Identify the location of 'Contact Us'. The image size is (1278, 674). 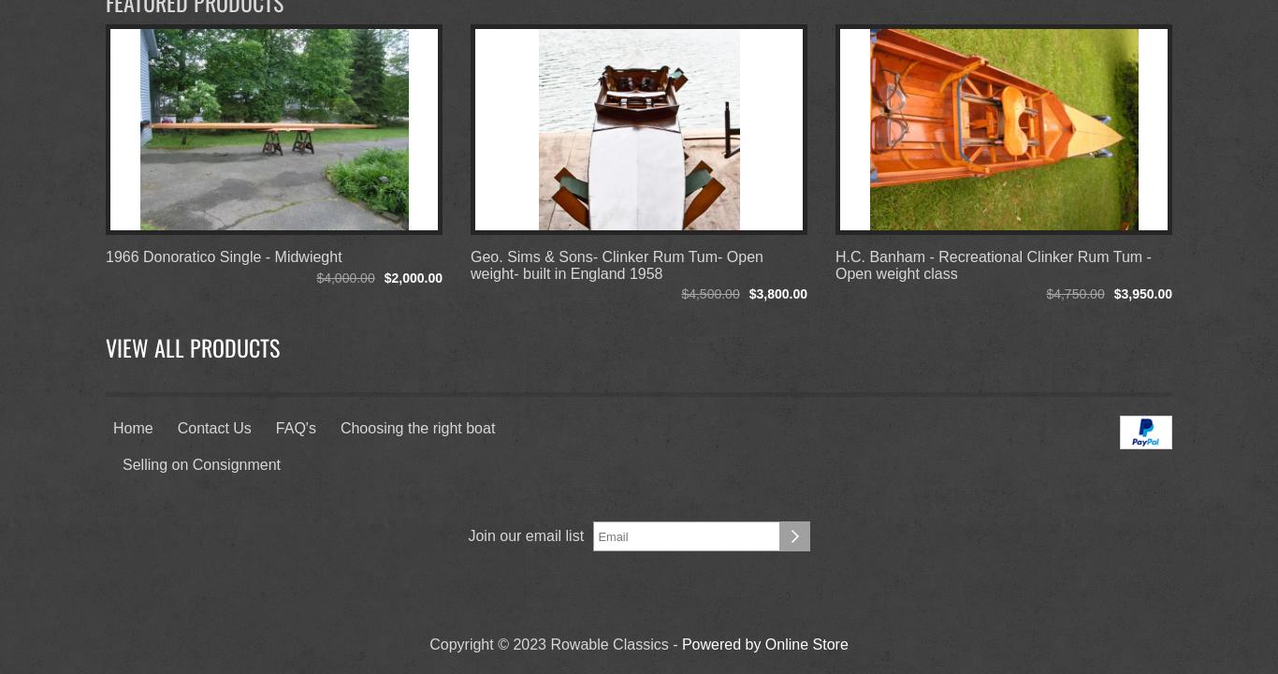
(213, 428).